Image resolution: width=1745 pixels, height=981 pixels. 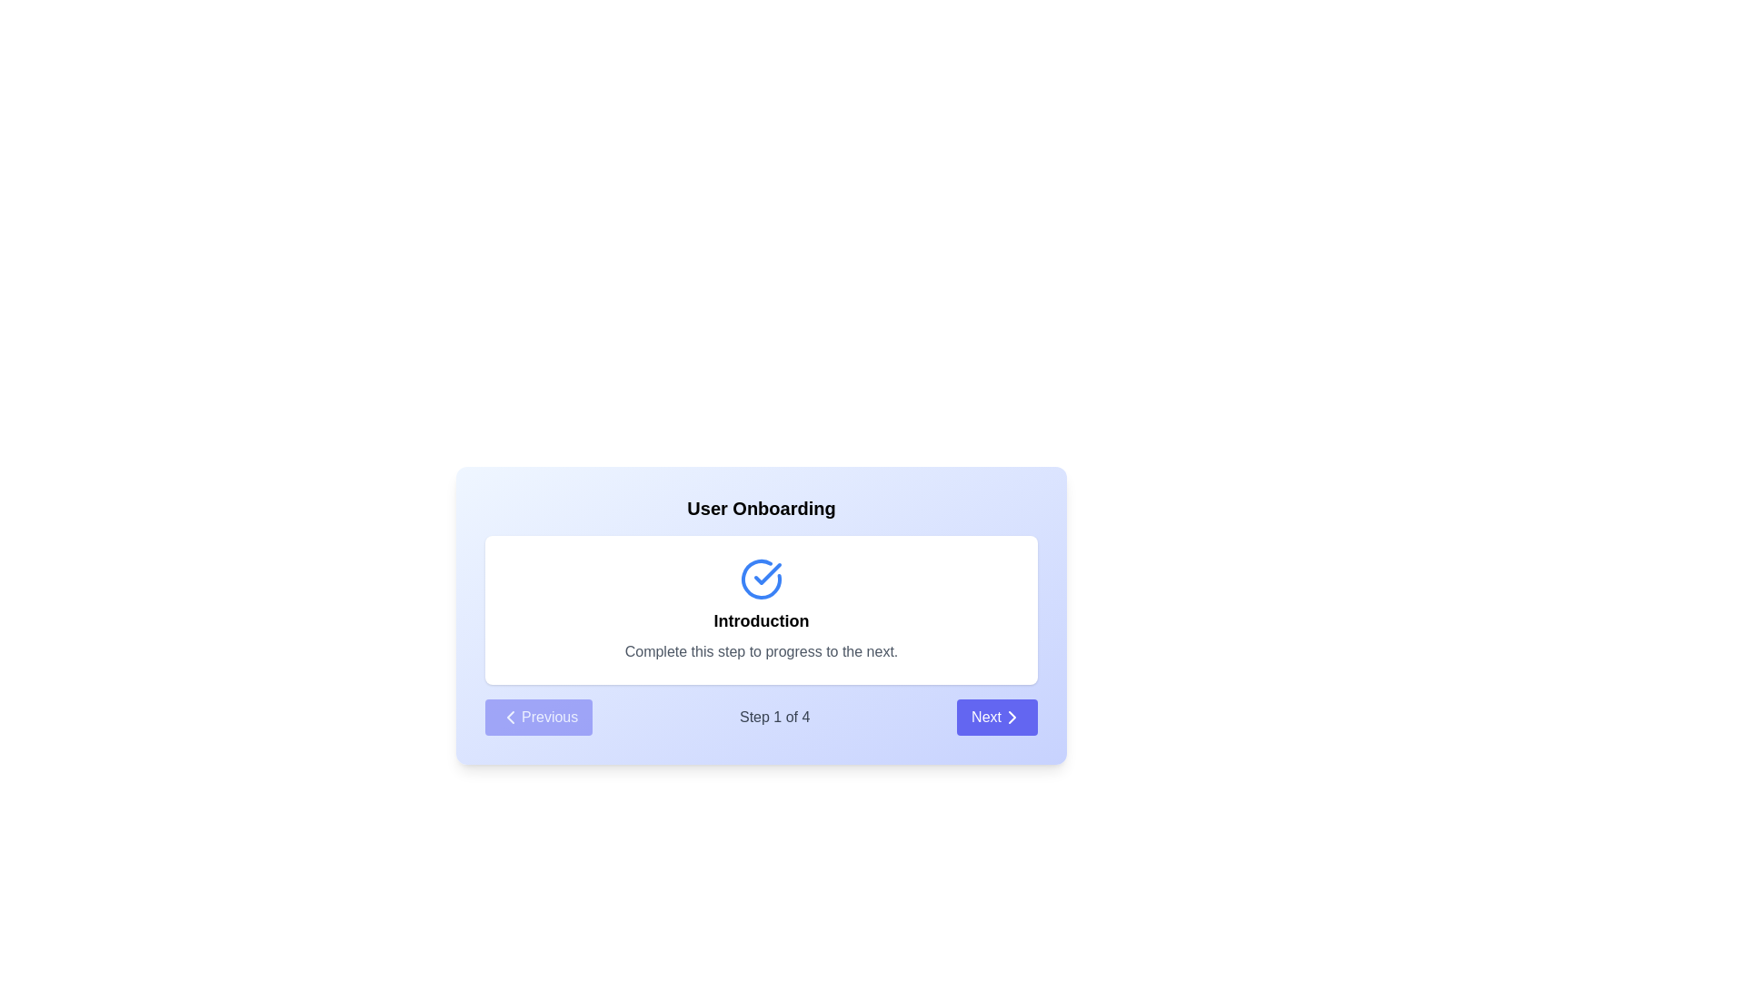 What do you see at coordinates (538, 717) in the screenshot?
I see `the 'Previous' button to navigate to the previous step` at bounding box center [538, 717].